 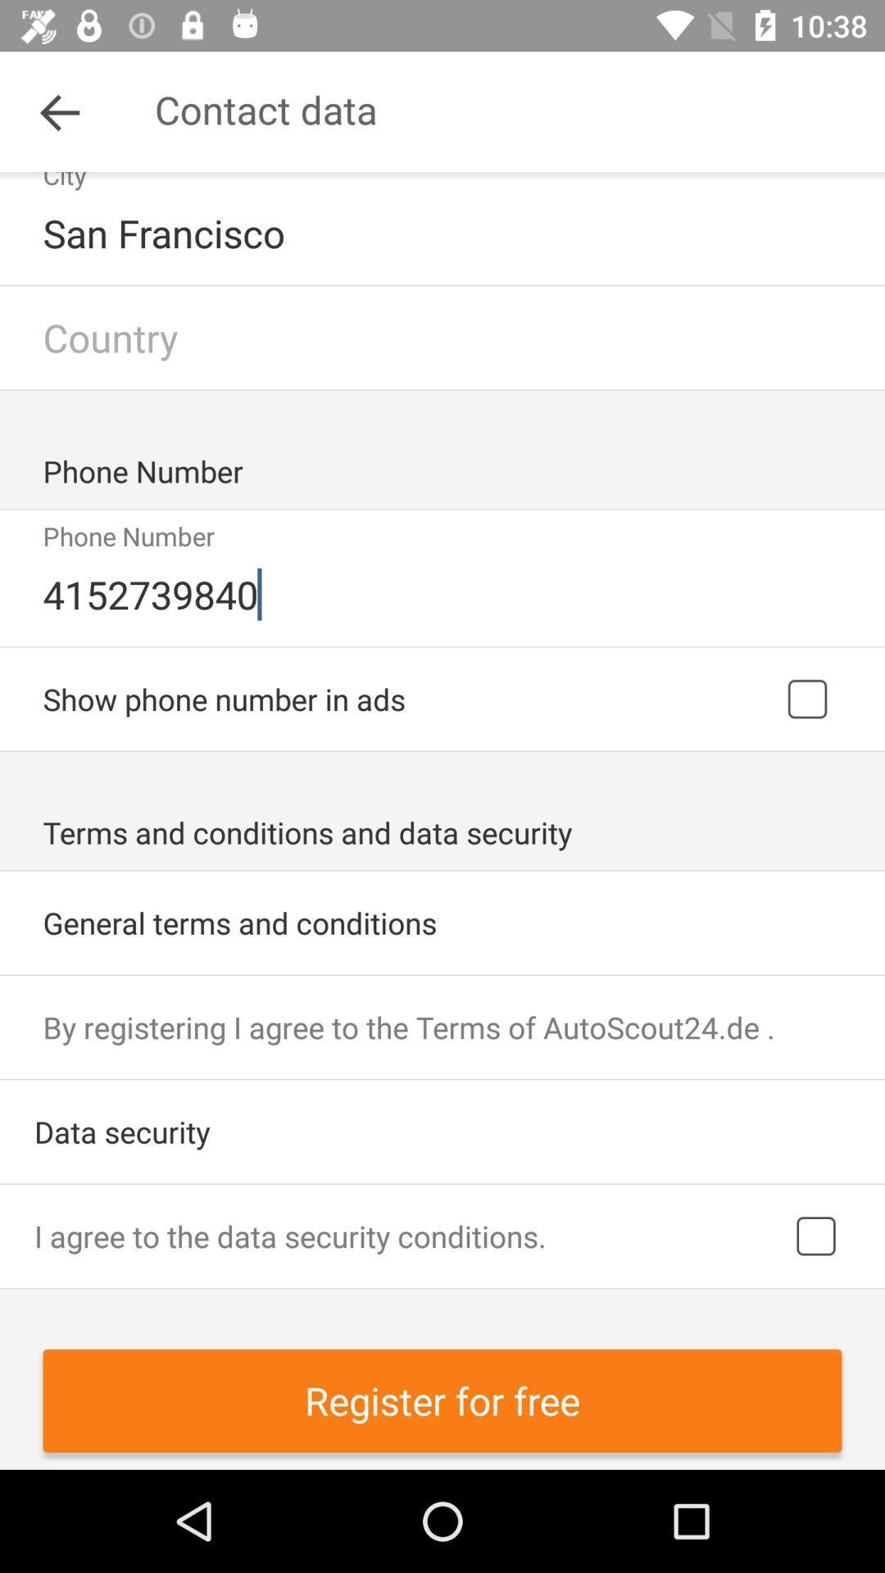 What do you see at coordinates (444, 593) in the screenshot?
I see `the 4152739840` at bounding box center [444, 593].